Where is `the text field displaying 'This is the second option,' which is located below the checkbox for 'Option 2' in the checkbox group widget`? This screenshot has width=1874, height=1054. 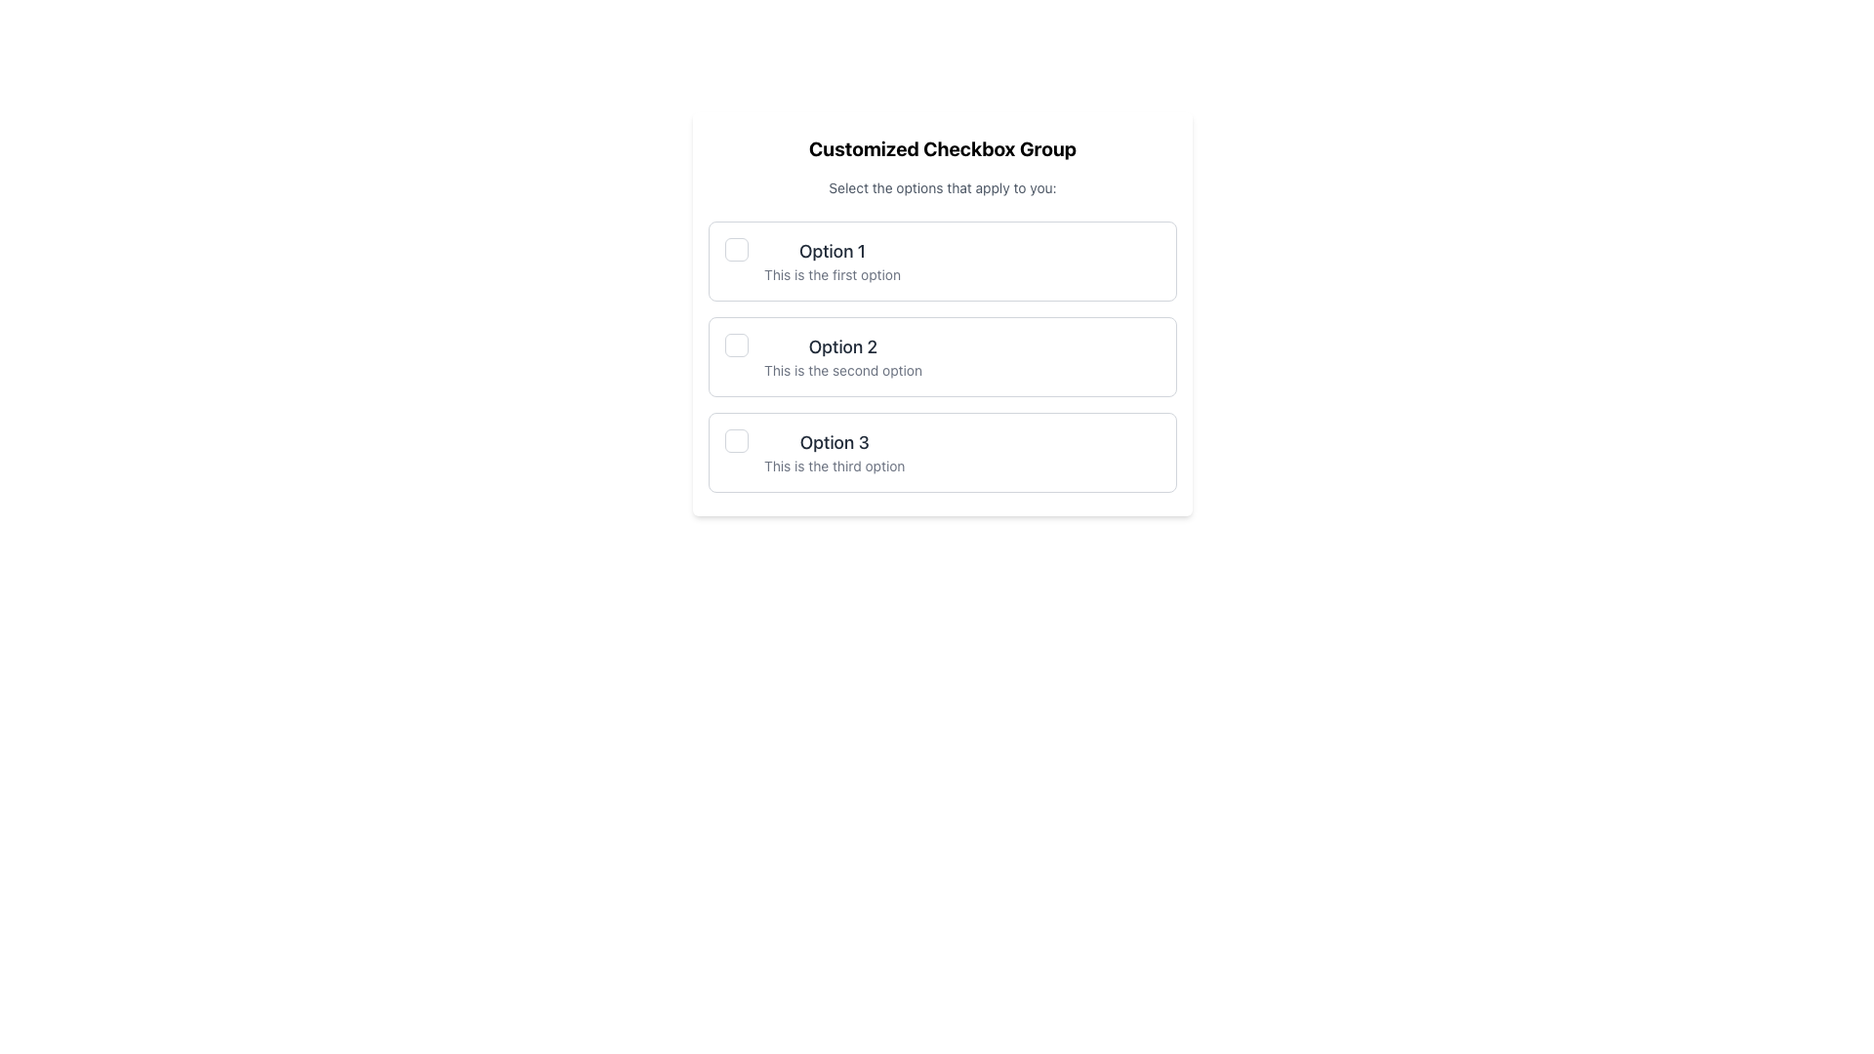
the text field displaying 'This is the second option,' which is located below the checkbox for 'Option 2' in the checkbox group widget is located at coordinates (843, 371).